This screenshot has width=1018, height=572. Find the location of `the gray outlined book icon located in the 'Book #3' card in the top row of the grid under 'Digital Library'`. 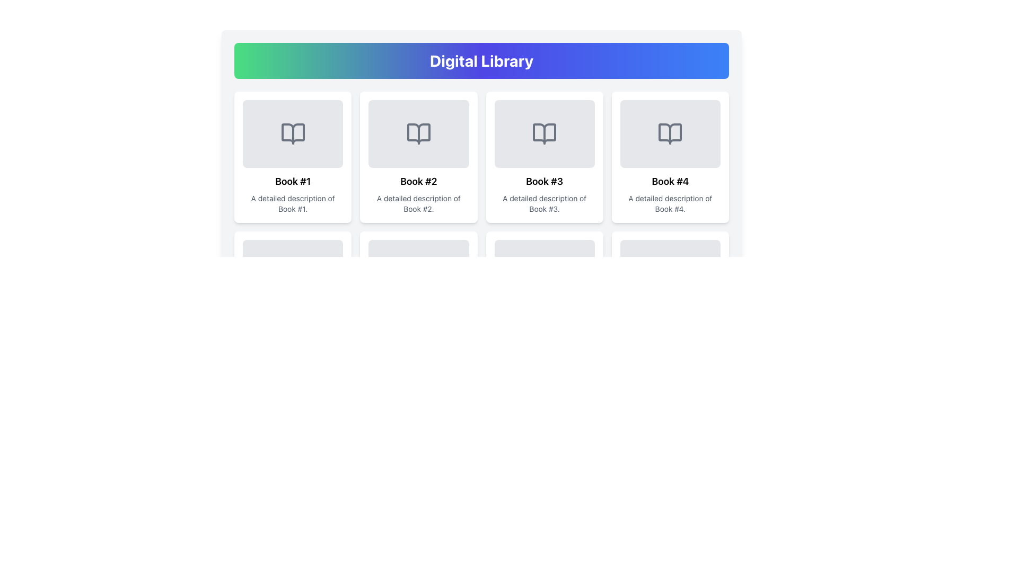

the gray outlined book icon located in the 'Book #3' card in the top row of the grid under 'Digital Library' is located at coordinates (545, 133).